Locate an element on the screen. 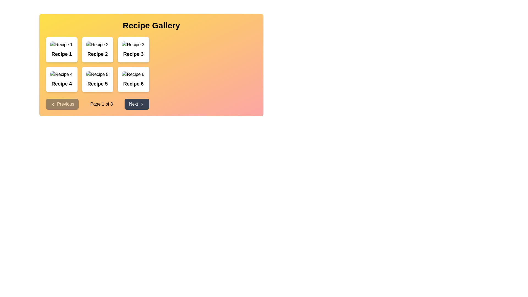 The width and height of the screenshot is (528, 297). the Text label displaying the title or name of the recipe in the second row, middle column of the 'Recipe Gallery' card is located at coordinates (97, 84).